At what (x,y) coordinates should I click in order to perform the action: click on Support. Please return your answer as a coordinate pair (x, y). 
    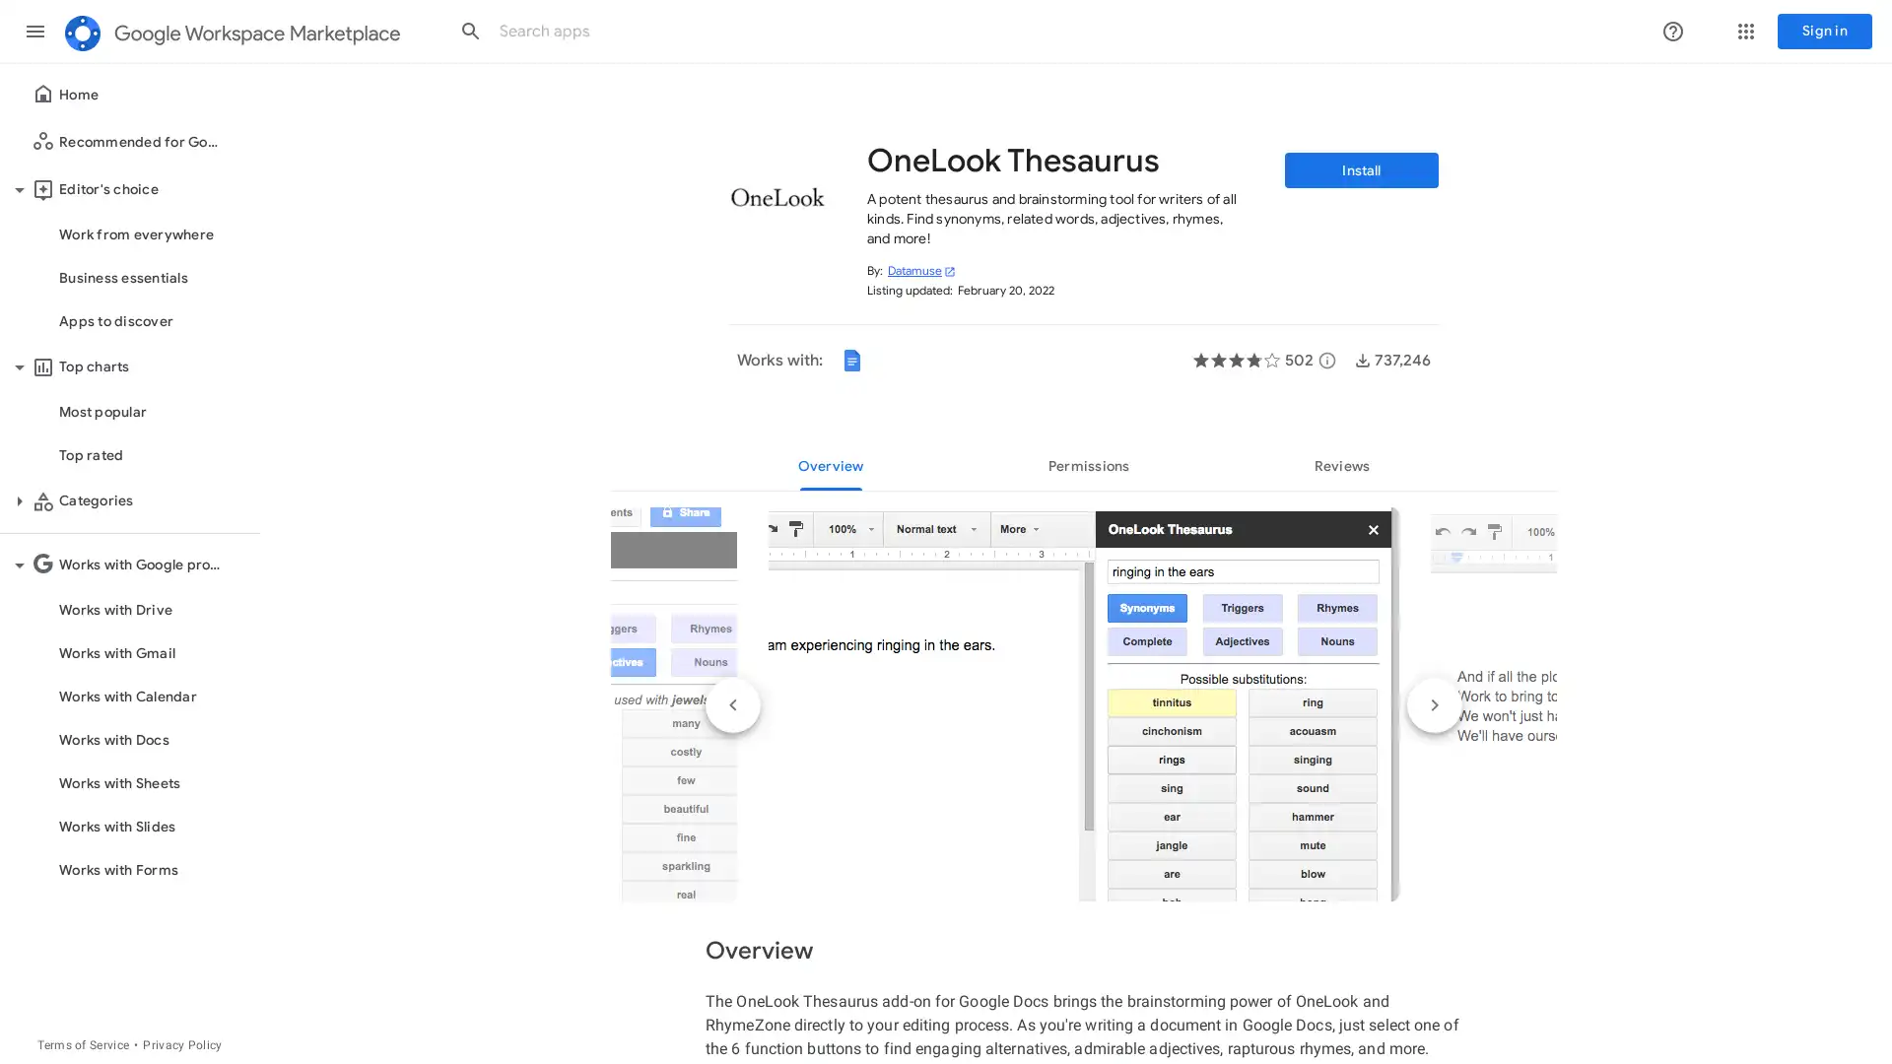
    Looking at the image, I should click on (1672, 31).